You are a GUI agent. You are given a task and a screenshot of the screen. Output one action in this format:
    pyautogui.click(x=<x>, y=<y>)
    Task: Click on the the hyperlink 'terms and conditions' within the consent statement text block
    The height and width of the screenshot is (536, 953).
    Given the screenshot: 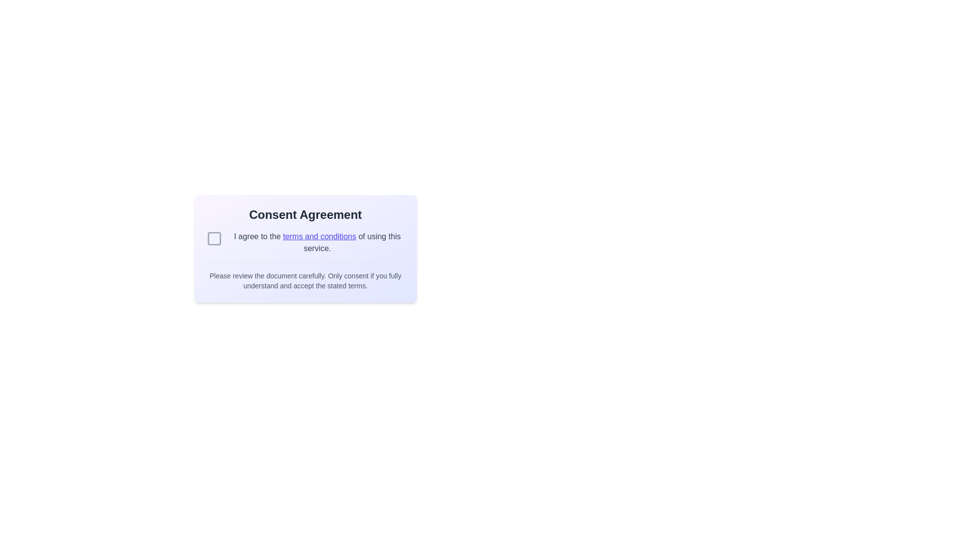 What is the action you would take?
    pyautogui.click(x=317, y=243)
    